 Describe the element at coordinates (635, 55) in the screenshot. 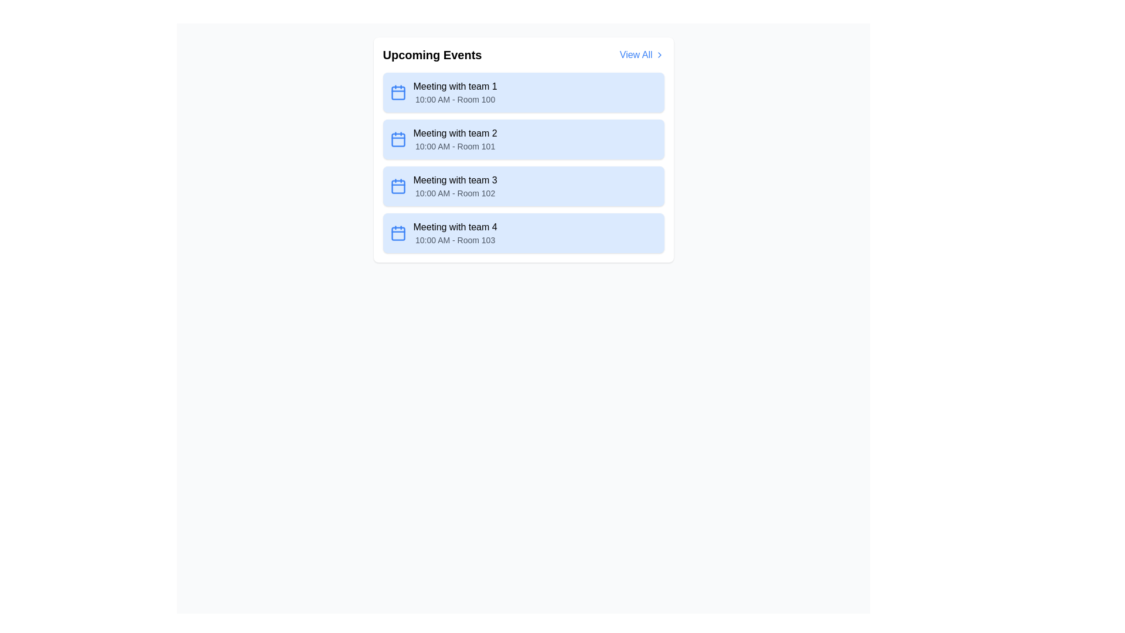

I see `the text label located in the top-right corner of the 'Upcoming Events' section` at that location.